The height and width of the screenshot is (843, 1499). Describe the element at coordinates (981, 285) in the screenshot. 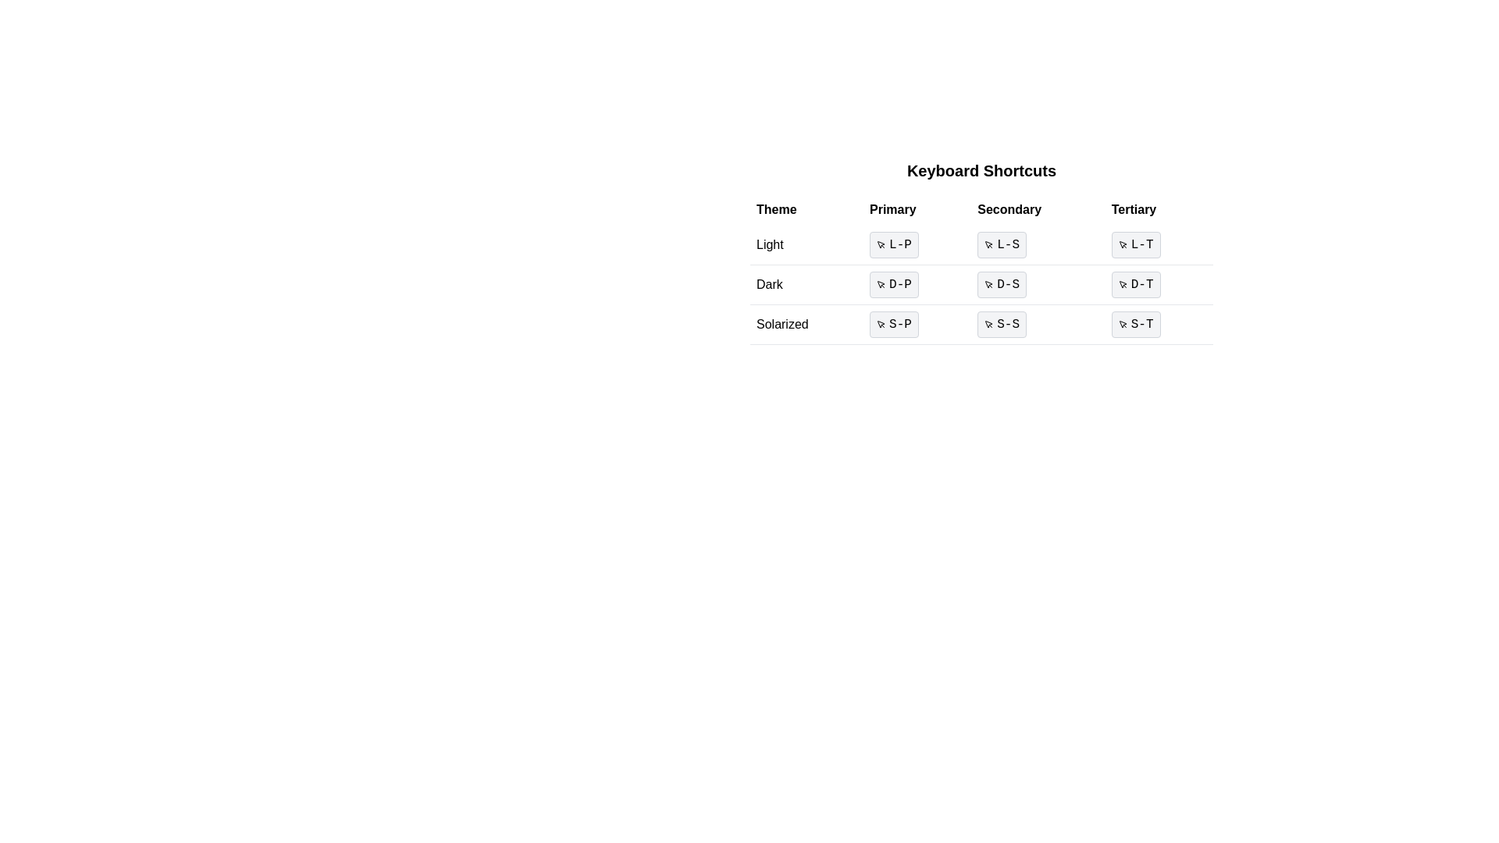

I see `the rounded, bordered button labeled 'D-S' with a mouse pointer icon located in the 'Dark' row under the 'Secondary' column, as it is the second button in that row` at that location.